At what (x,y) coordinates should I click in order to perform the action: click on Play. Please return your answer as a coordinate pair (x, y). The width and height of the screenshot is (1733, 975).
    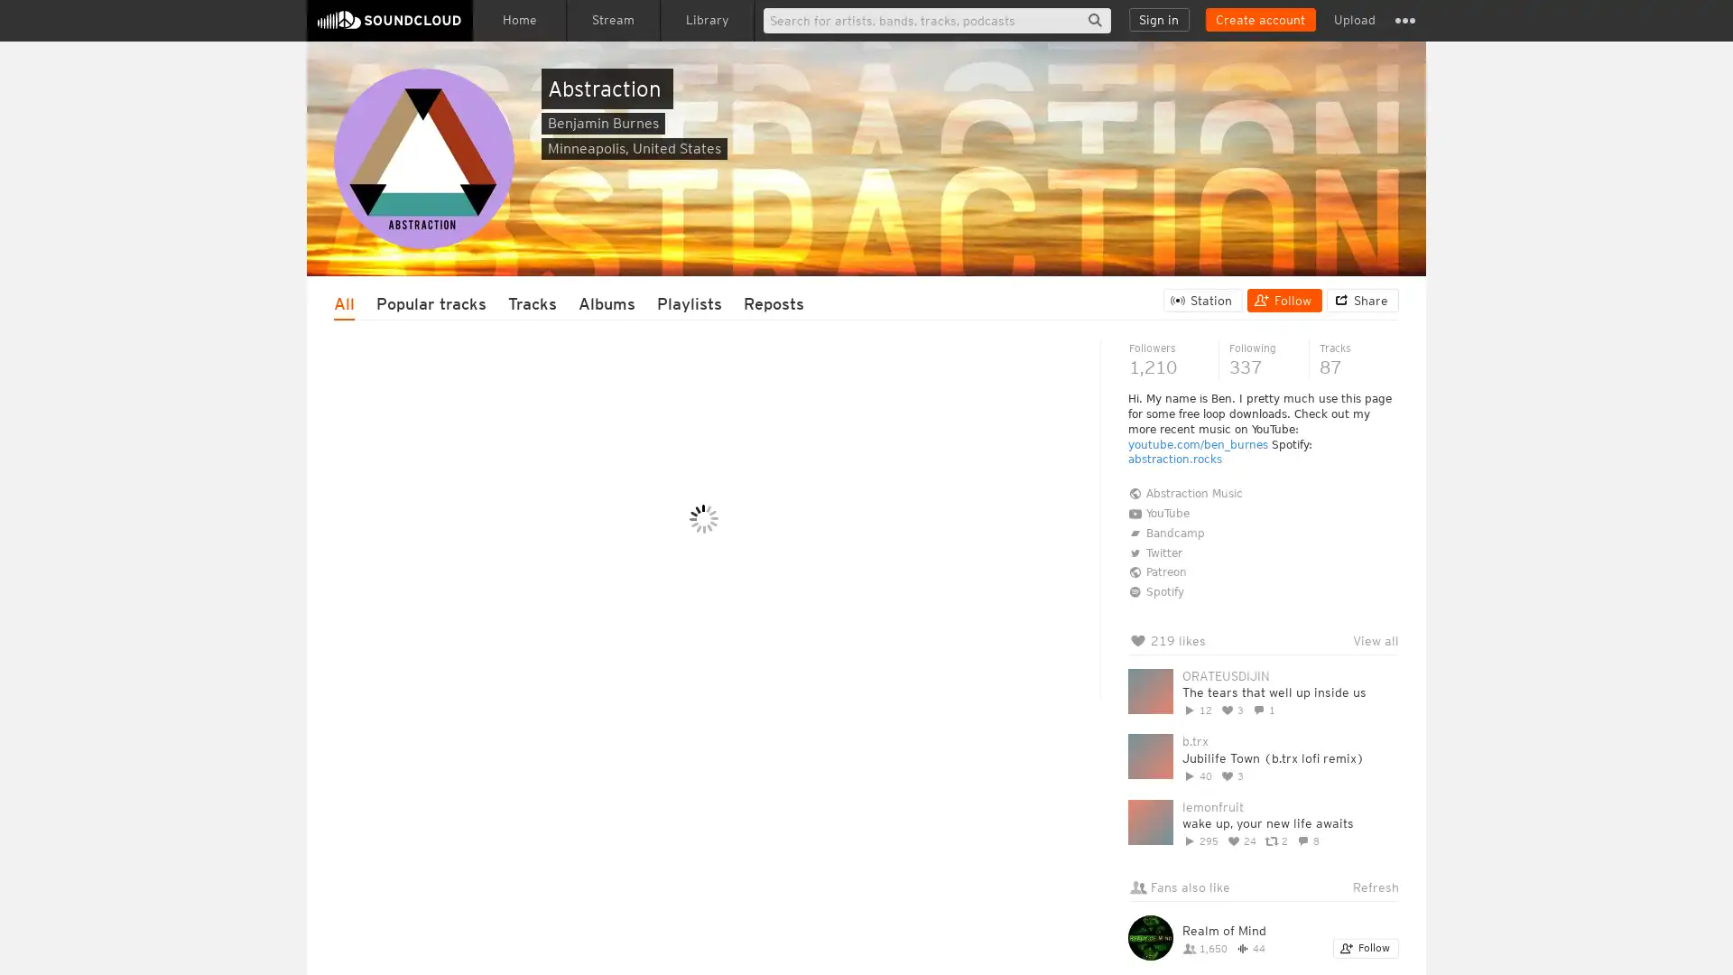
    Looking at the image, I should click on (506, 428).